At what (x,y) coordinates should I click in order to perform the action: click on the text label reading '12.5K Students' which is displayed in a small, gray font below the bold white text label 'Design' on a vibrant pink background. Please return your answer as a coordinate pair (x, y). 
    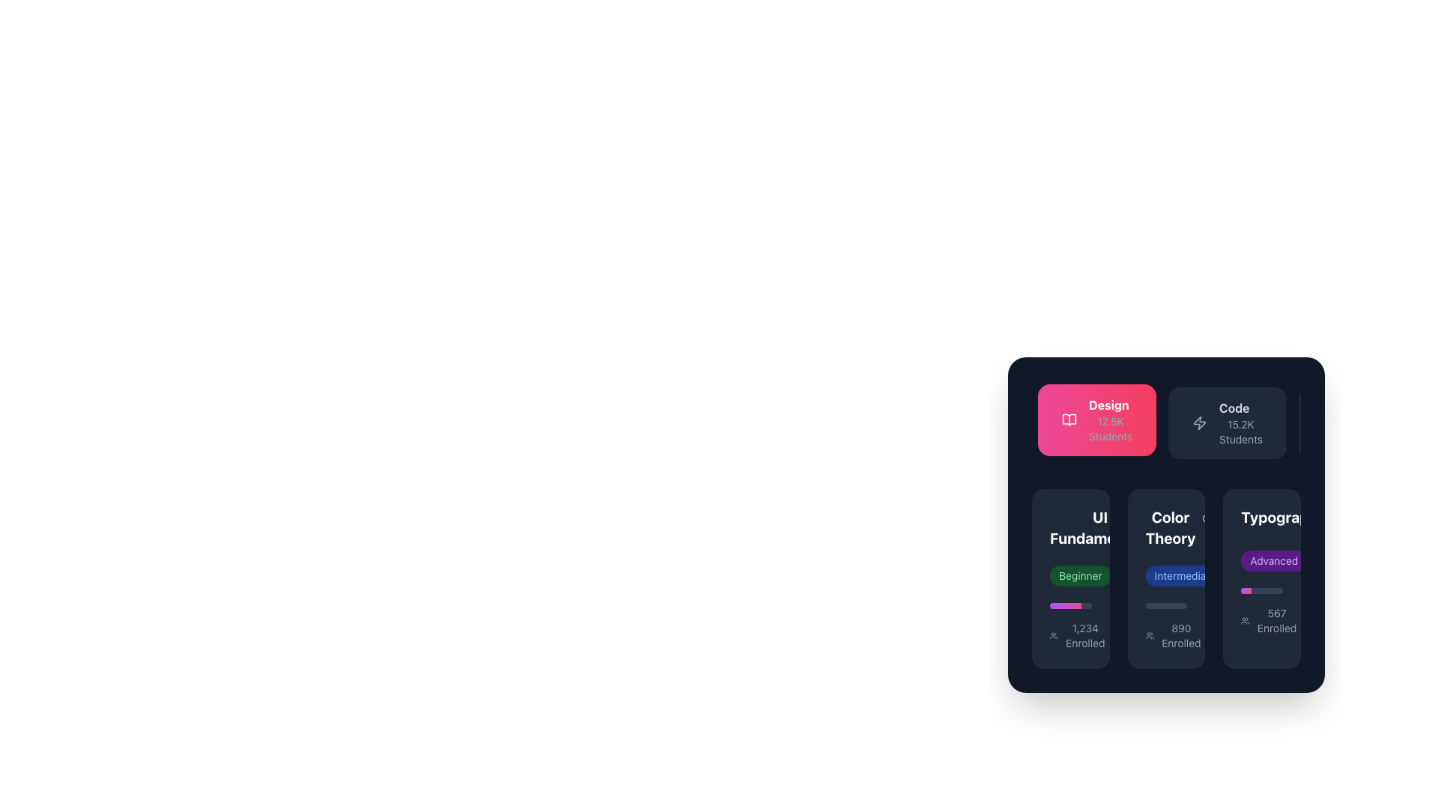
    Looking at the image, I should click on (1111, 429).